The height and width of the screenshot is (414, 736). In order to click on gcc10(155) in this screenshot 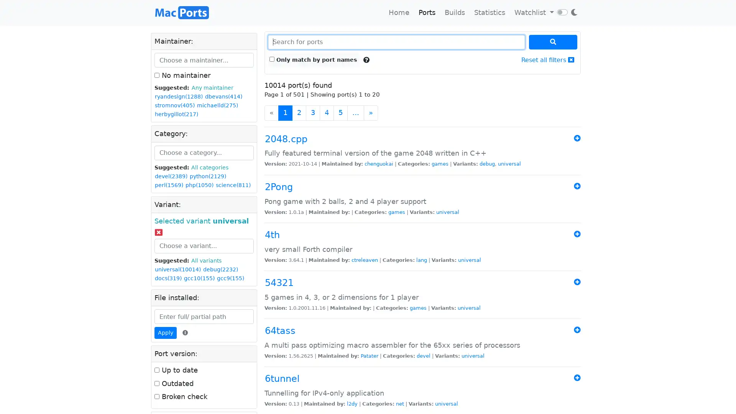, I will do `click(199, 278)`.